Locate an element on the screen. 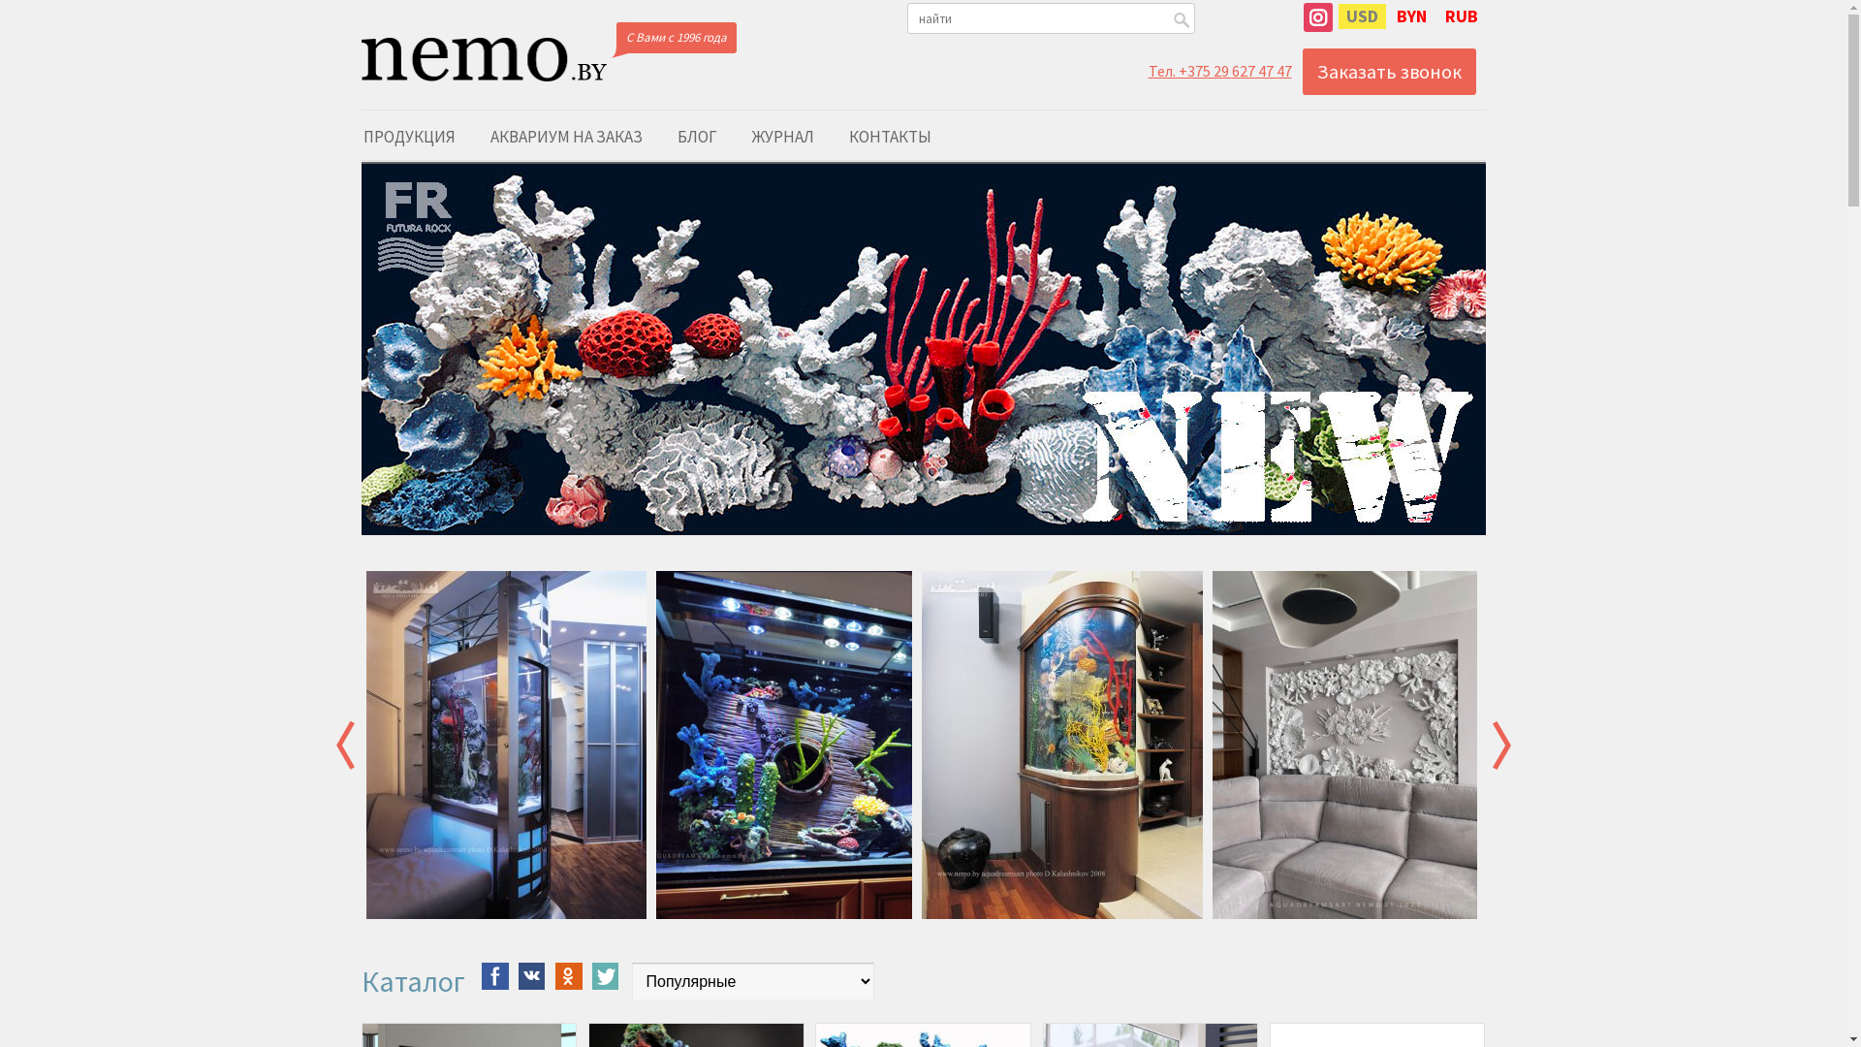  'BYN' is located at coordinates (1386, 16).